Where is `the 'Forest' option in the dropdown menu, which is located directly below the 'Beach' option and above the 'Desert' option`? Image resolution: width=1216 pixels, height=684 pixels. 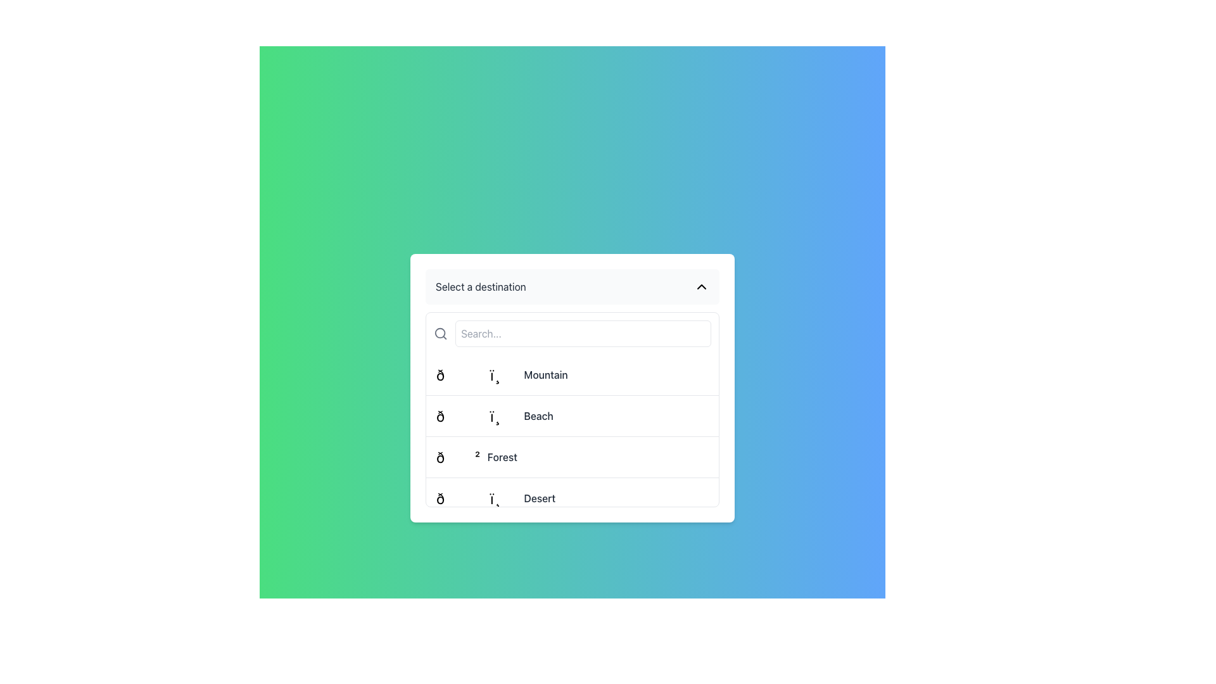
the 'Forest' option in the dropdown menu, which is located directly below the 'Beach' option and above the 'Desert' option is located at coordinates (571, 457).